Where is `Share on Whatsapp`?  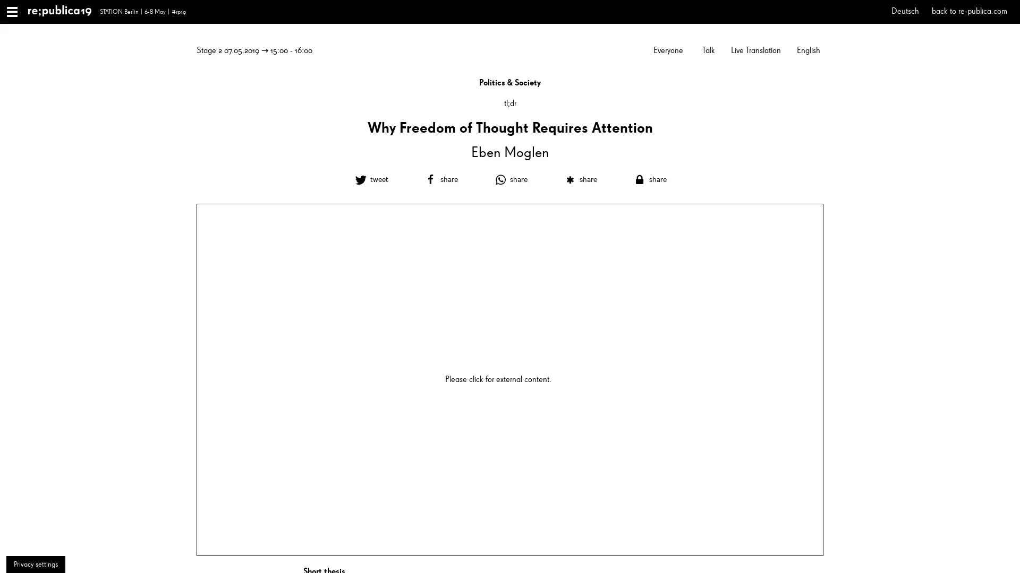 Share on Whatsapp is located at coordinates (510, 179).